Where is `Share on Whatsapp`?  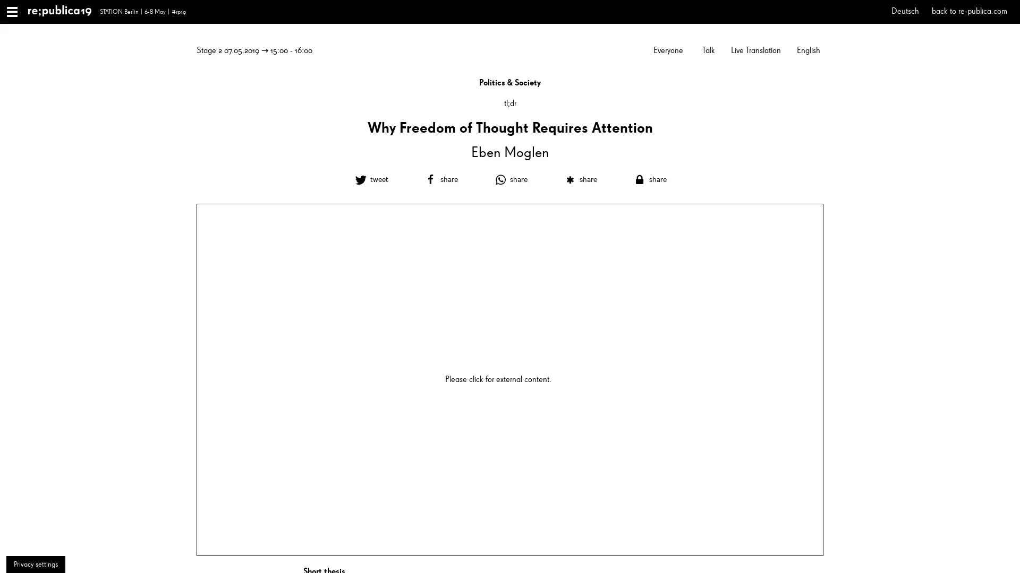 Share on Whatsapp is located at coordinates (510, 179).